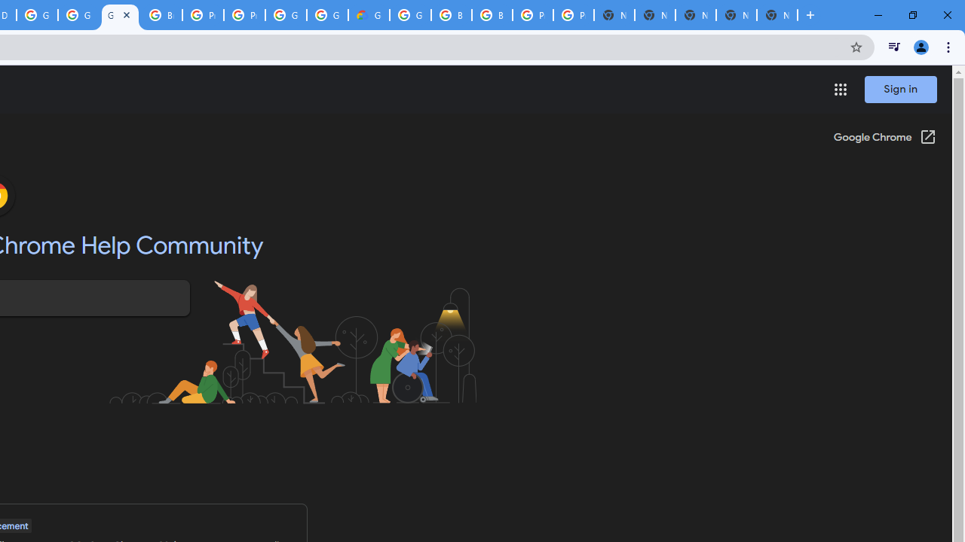  I want to click on 'Close', so click(126, 14).